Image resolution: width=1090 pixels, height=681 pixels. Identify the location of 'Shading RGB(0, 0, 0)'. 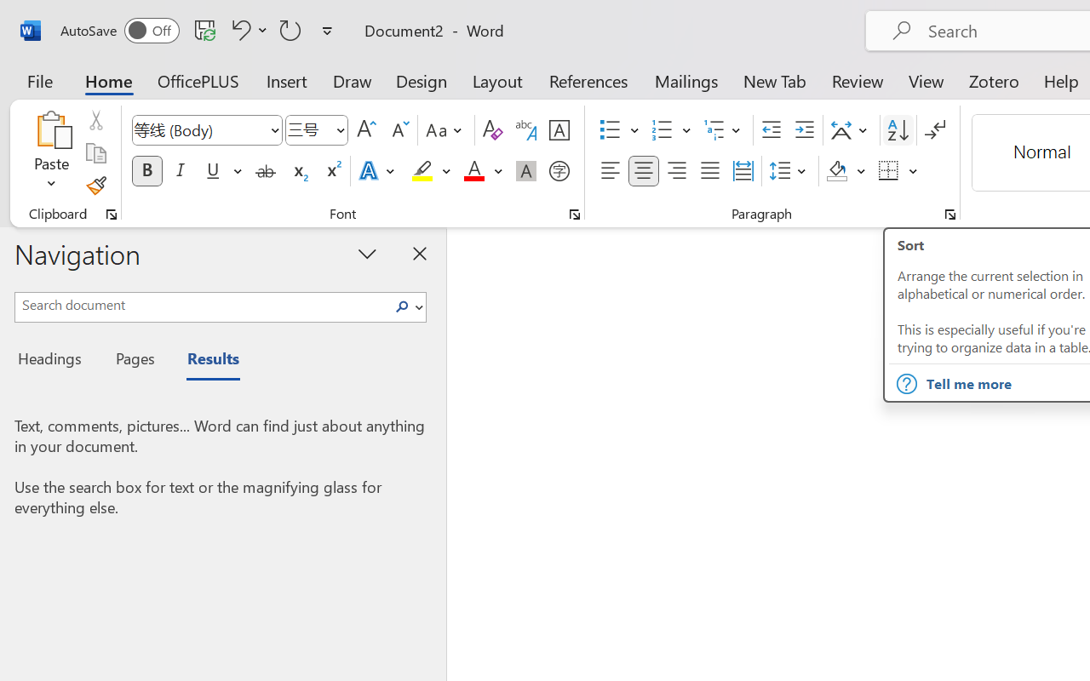
(837, 171).